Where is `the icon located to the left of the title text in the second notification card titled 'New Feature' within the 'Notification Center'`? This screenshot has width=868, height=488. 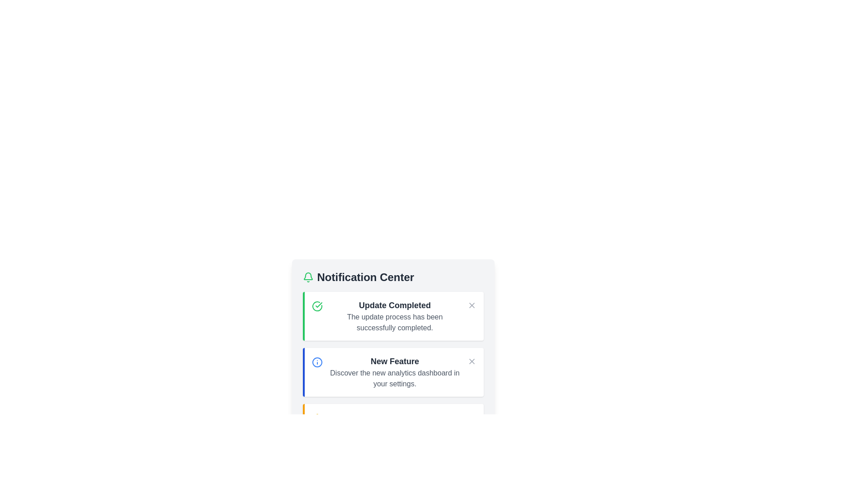 the icon located to the left of the title text in the second notification card titled 'New Feature' within the 'Notification Center' is located at coordinates (317, 362).